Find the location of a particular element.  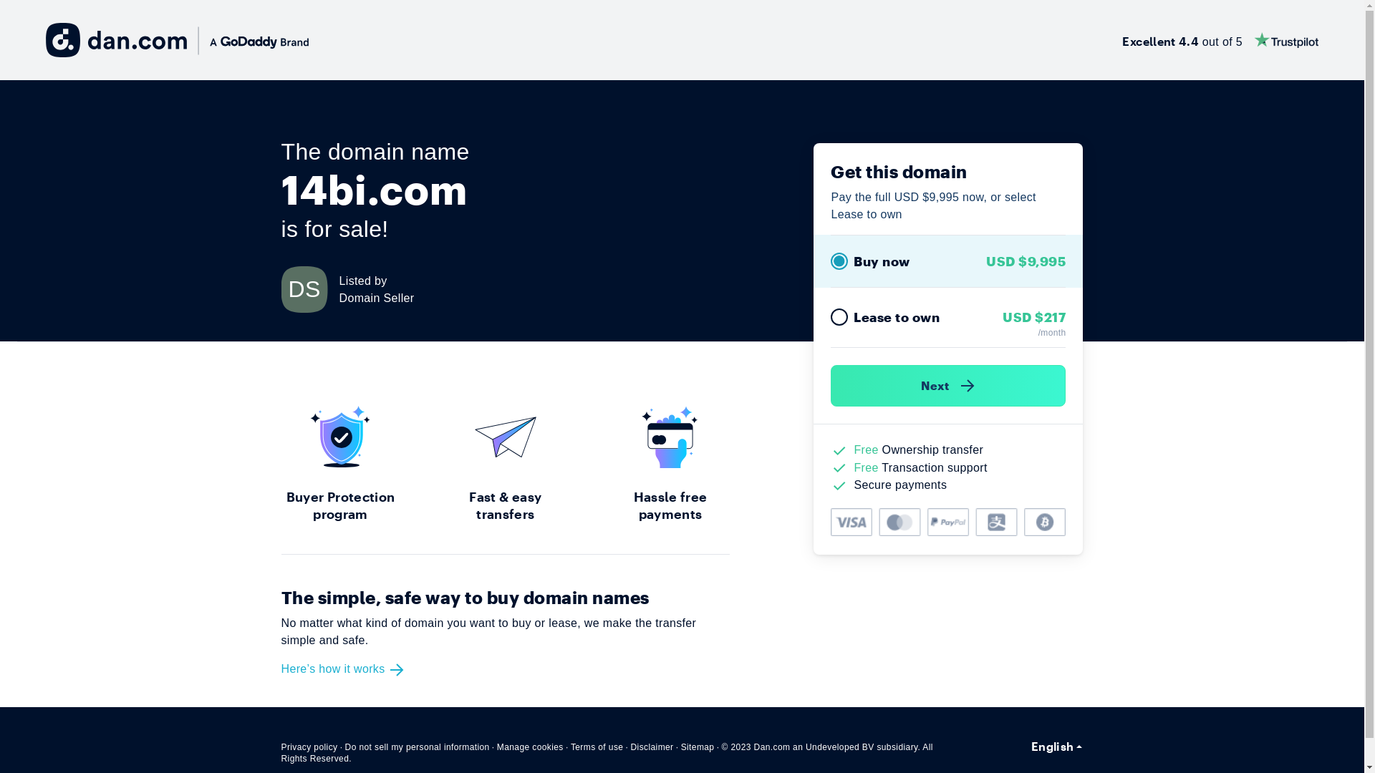

'Terms of use' is located at coordinates (597, 747).